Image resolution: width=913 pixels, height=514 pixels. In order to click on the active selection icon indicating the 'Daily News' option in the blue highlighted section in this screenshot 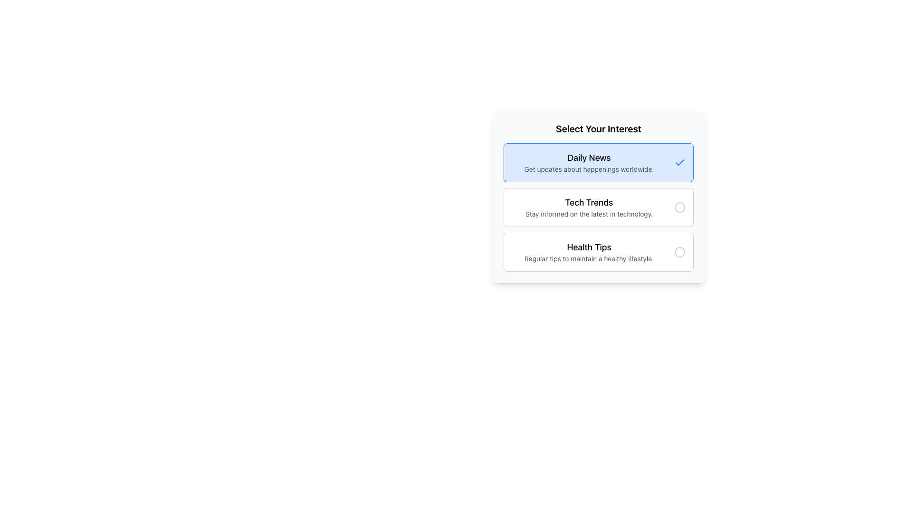, I will do `click(680, 162)`.